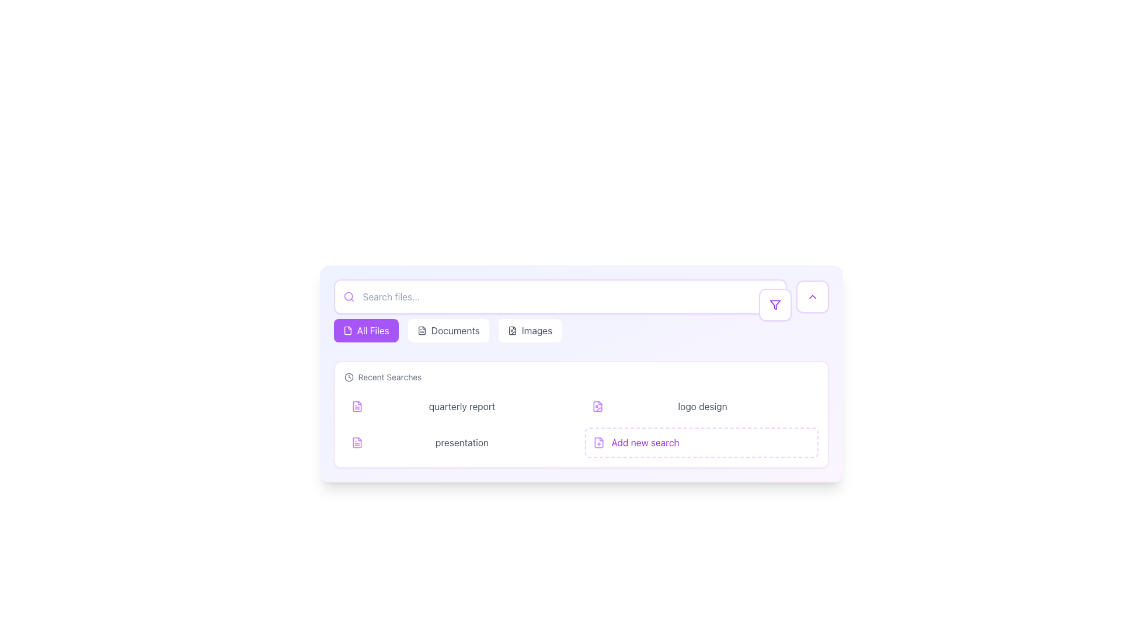 This screenshot has width=1121, height=630. I want to click on the second list item labeled 'logo design' located under the 'Recent Searches' heading, so click(701, 406).